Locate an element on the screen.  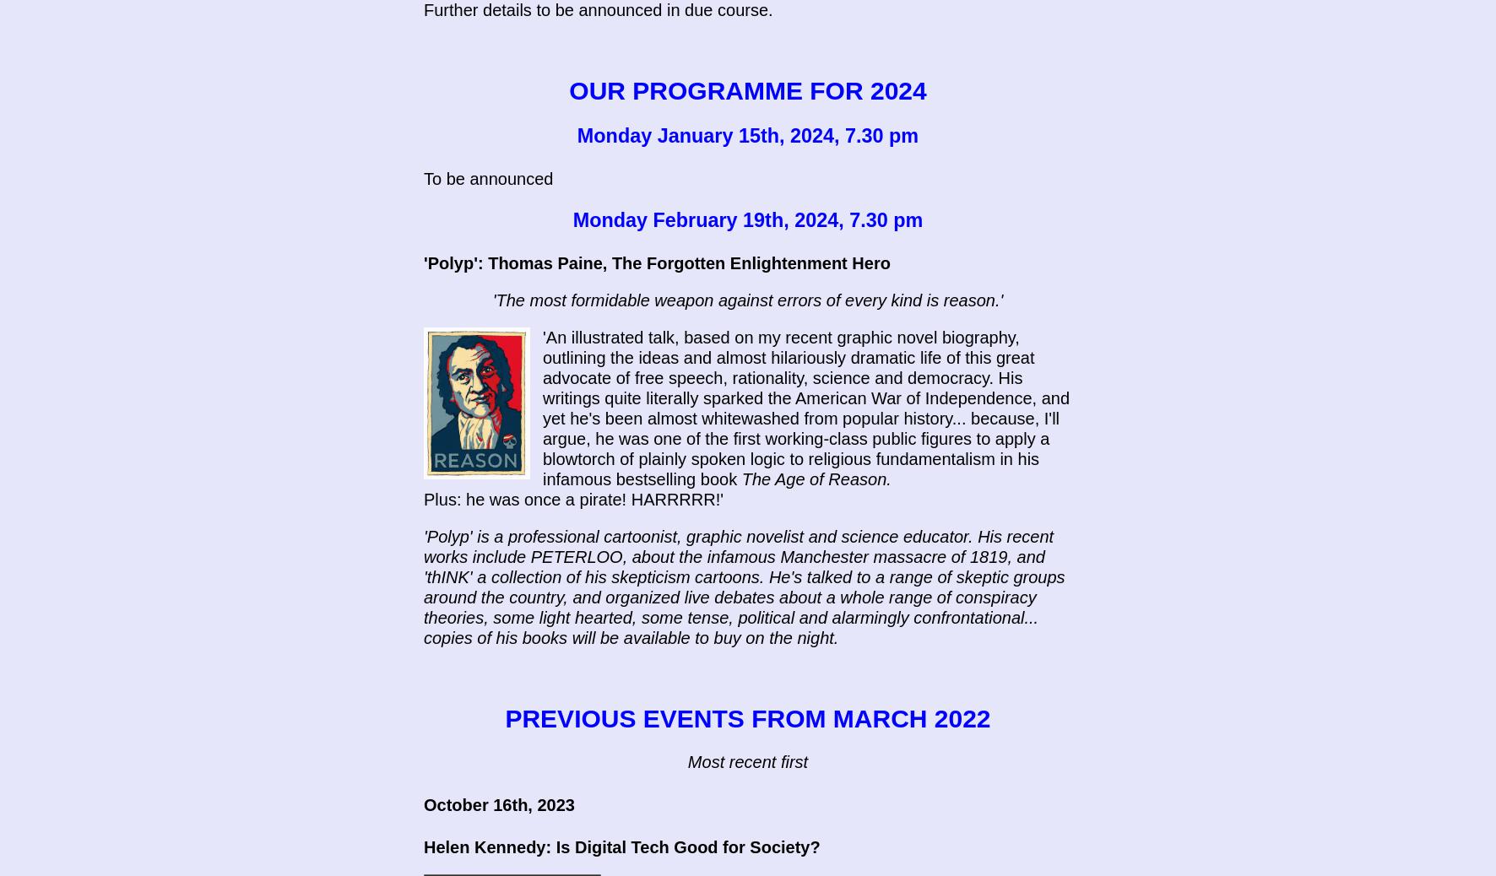
''An illustrated talk, based on my recent graphic novel biography, outlining the ideas and almost hilariously dramatic life 
of this great advocate of free speech, rationality, science and democracy. His writings quite literally sparked the American 
War of Independence, and yet he's been almost whitewashed from popular history... because, I'll argue, he was one of the first 
working-class public figures to apply a blowtorch of plainly spoken logic to religious fundamentalism in his infamous 
bestselling book' is located at coordinates (805, 408).